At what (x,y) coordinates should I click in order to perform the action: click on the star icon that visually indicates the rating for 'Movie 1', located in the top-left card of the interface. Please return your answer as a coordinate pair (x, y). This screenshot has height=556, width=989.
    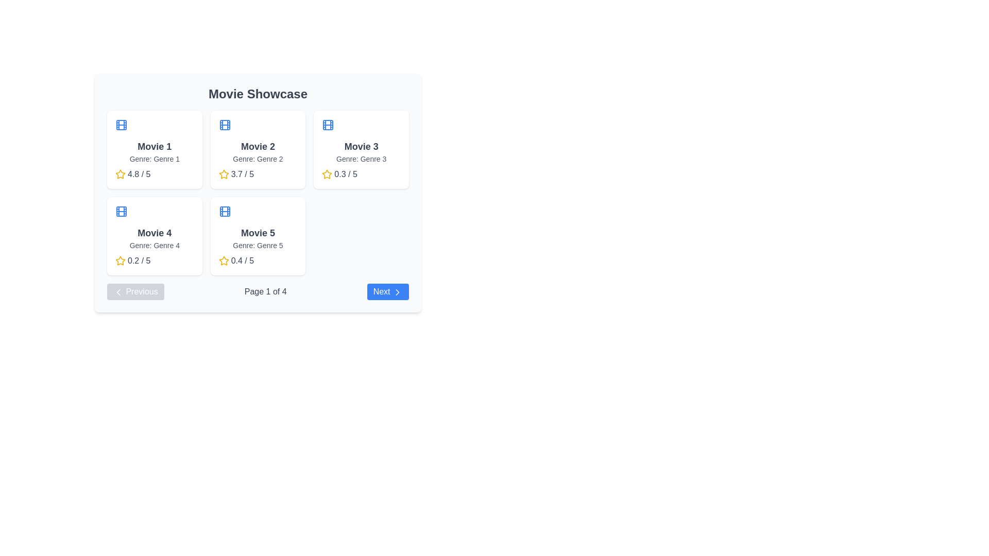
    Looking at the image, I should click on (121, 174).